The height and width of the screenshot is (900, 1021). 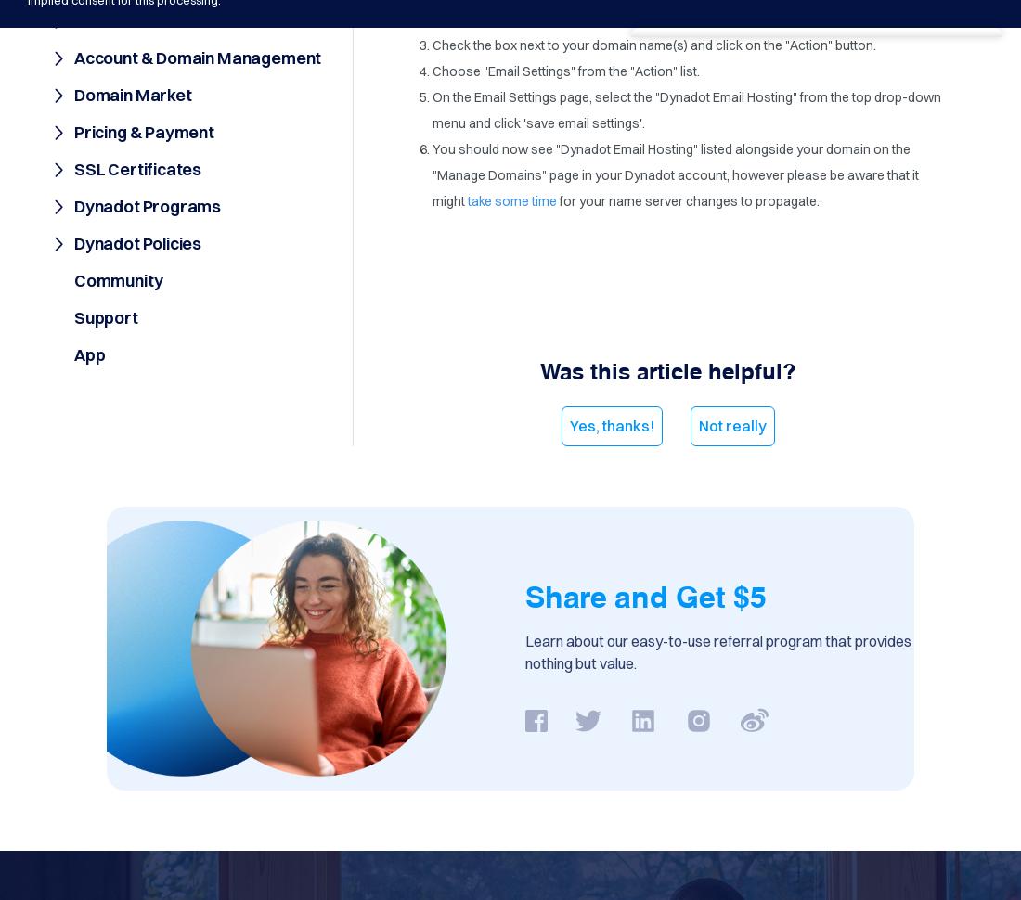 I want to click on 'Order Process', so click(x=130, y=20).